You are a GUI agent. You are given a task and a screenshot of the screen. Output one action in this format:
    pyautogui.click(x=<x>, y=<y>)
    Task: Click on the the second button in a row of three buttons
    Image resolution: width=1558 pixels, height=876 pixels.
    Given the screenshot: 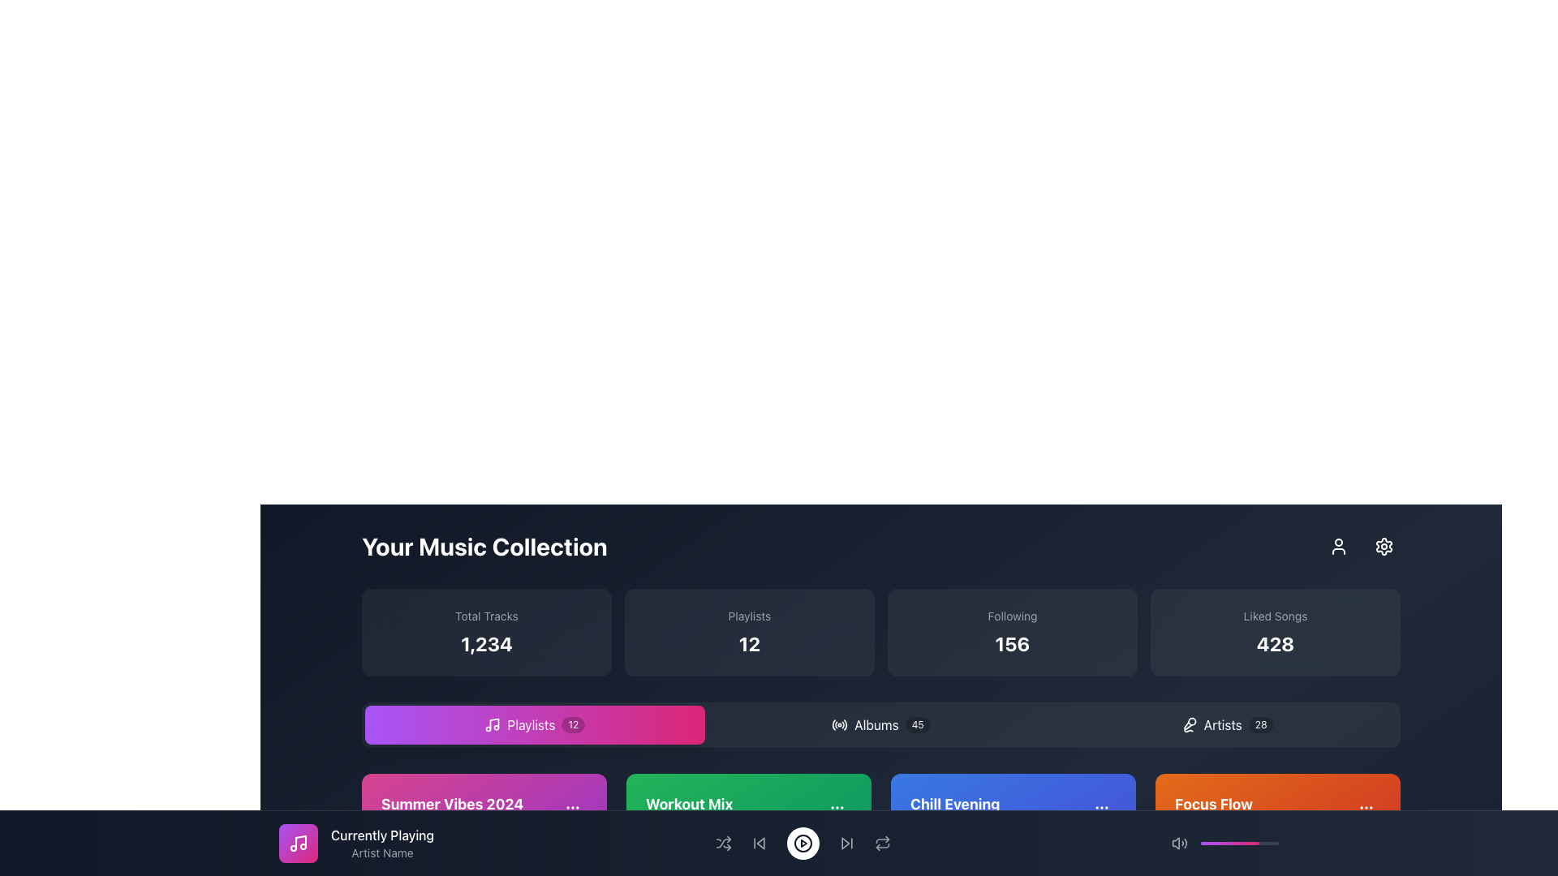 What is the action you would take?
    pyautogui.click(x=880, y=724)
    